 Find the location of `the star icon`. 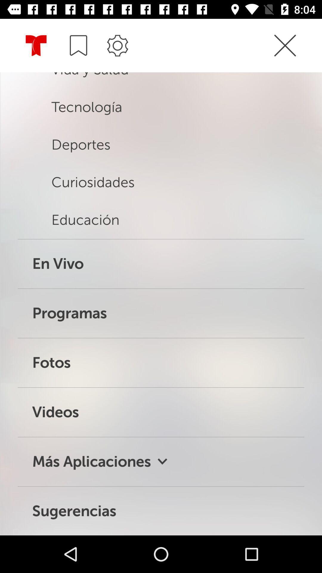

the star icon is located at coordinates (36, 46).